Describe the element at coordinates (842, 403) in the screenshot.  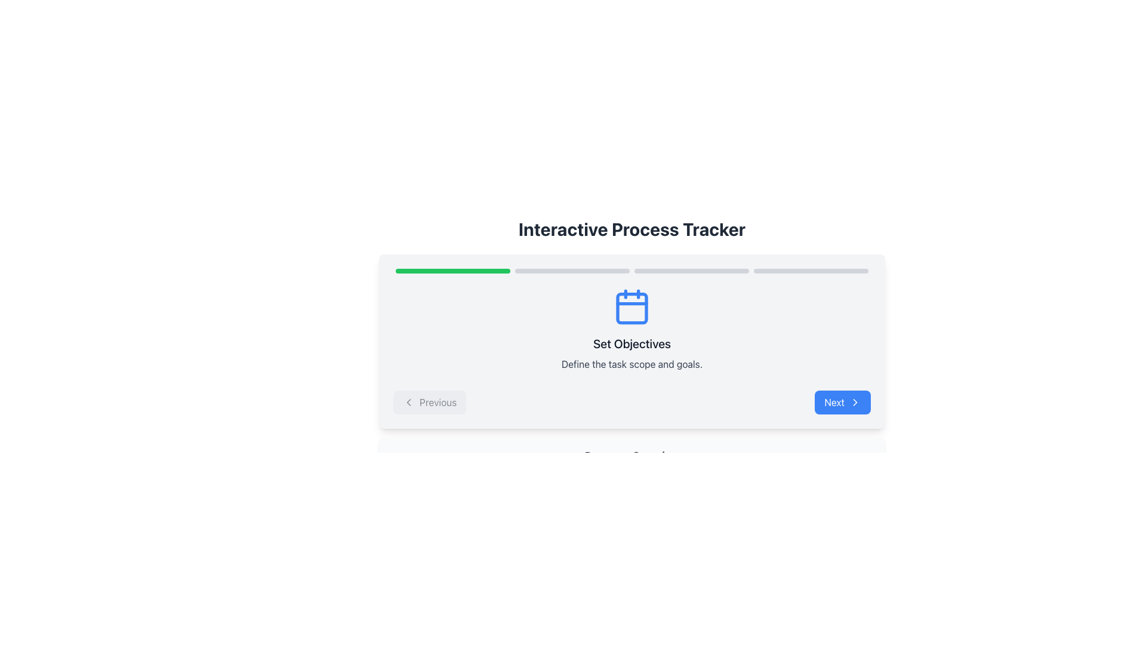
I see `the 'Next' button, which is a rectangular button with rounded corners, a blue background, and contains the text 'Next' alongside a right-facing arrow icon` at that location.